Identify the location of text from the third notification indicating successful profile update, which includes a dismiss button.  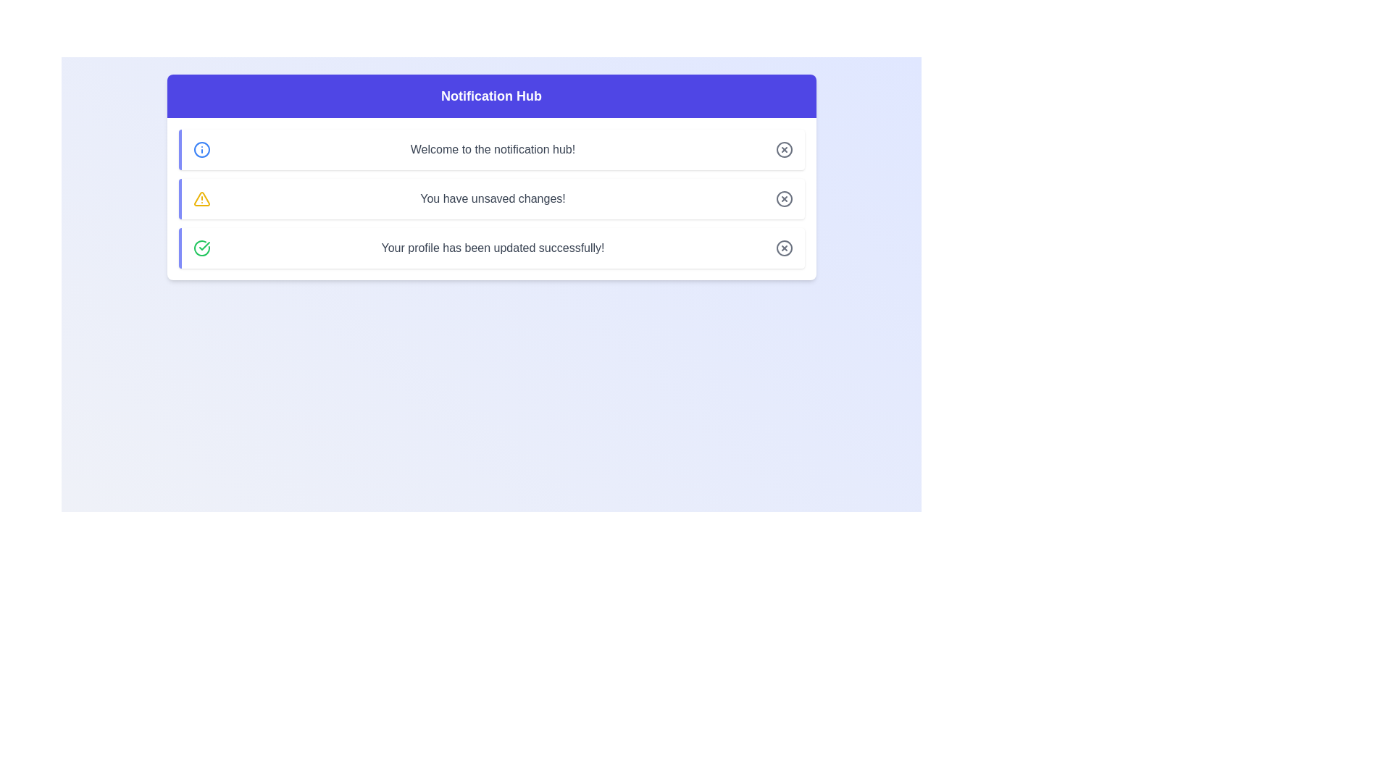
(491, 248).